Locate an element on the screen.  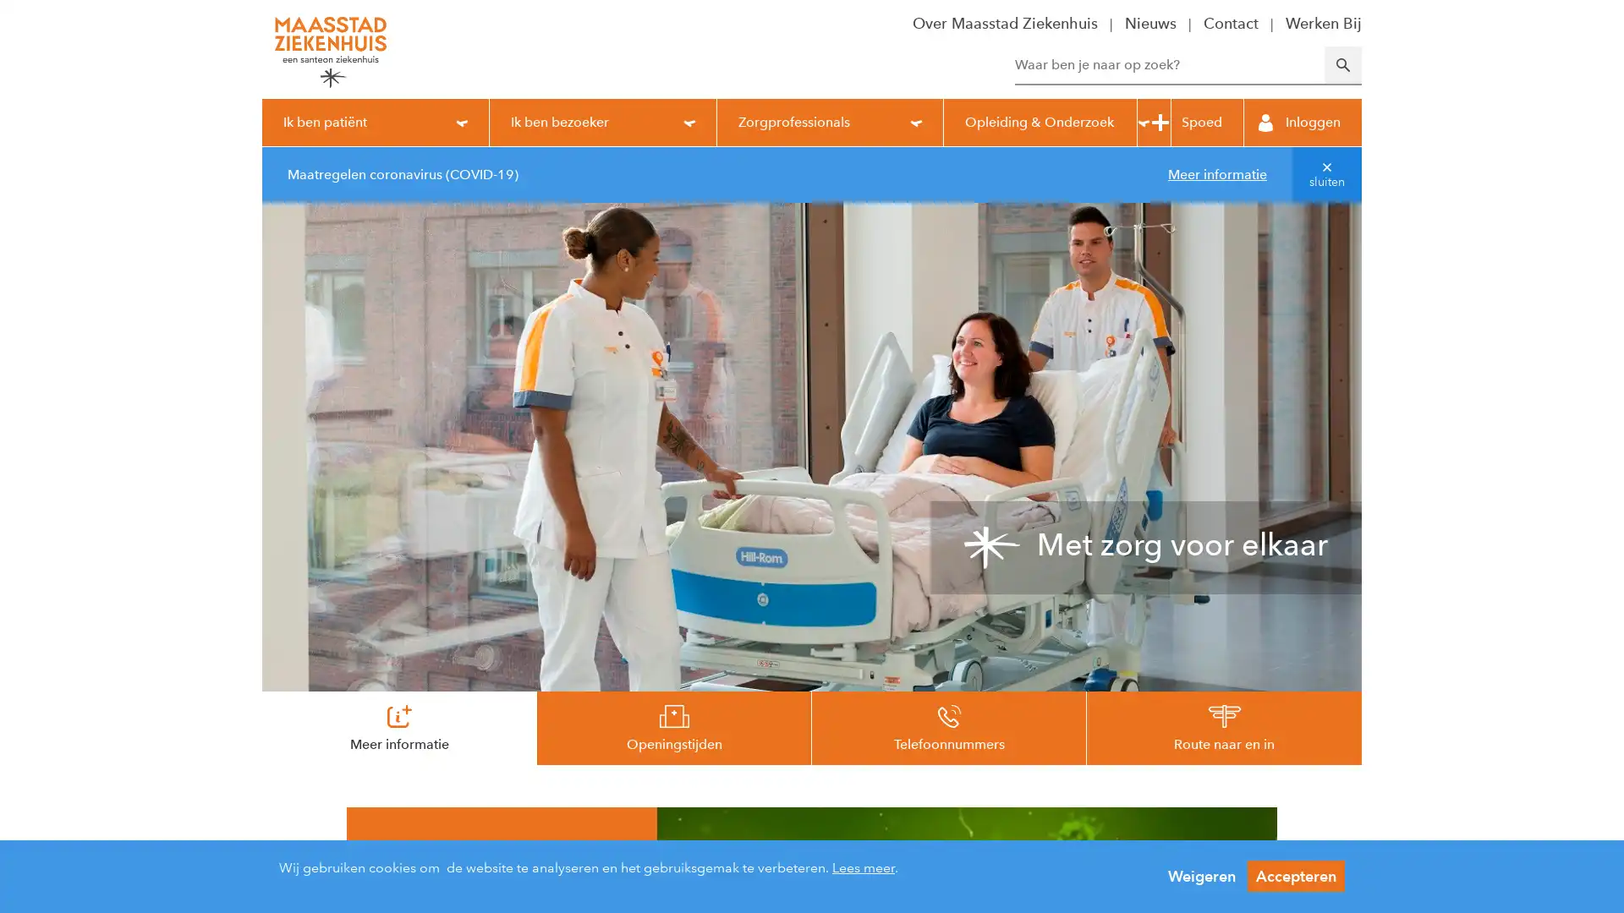
Zoeken is located at coordinates (1342, 64).